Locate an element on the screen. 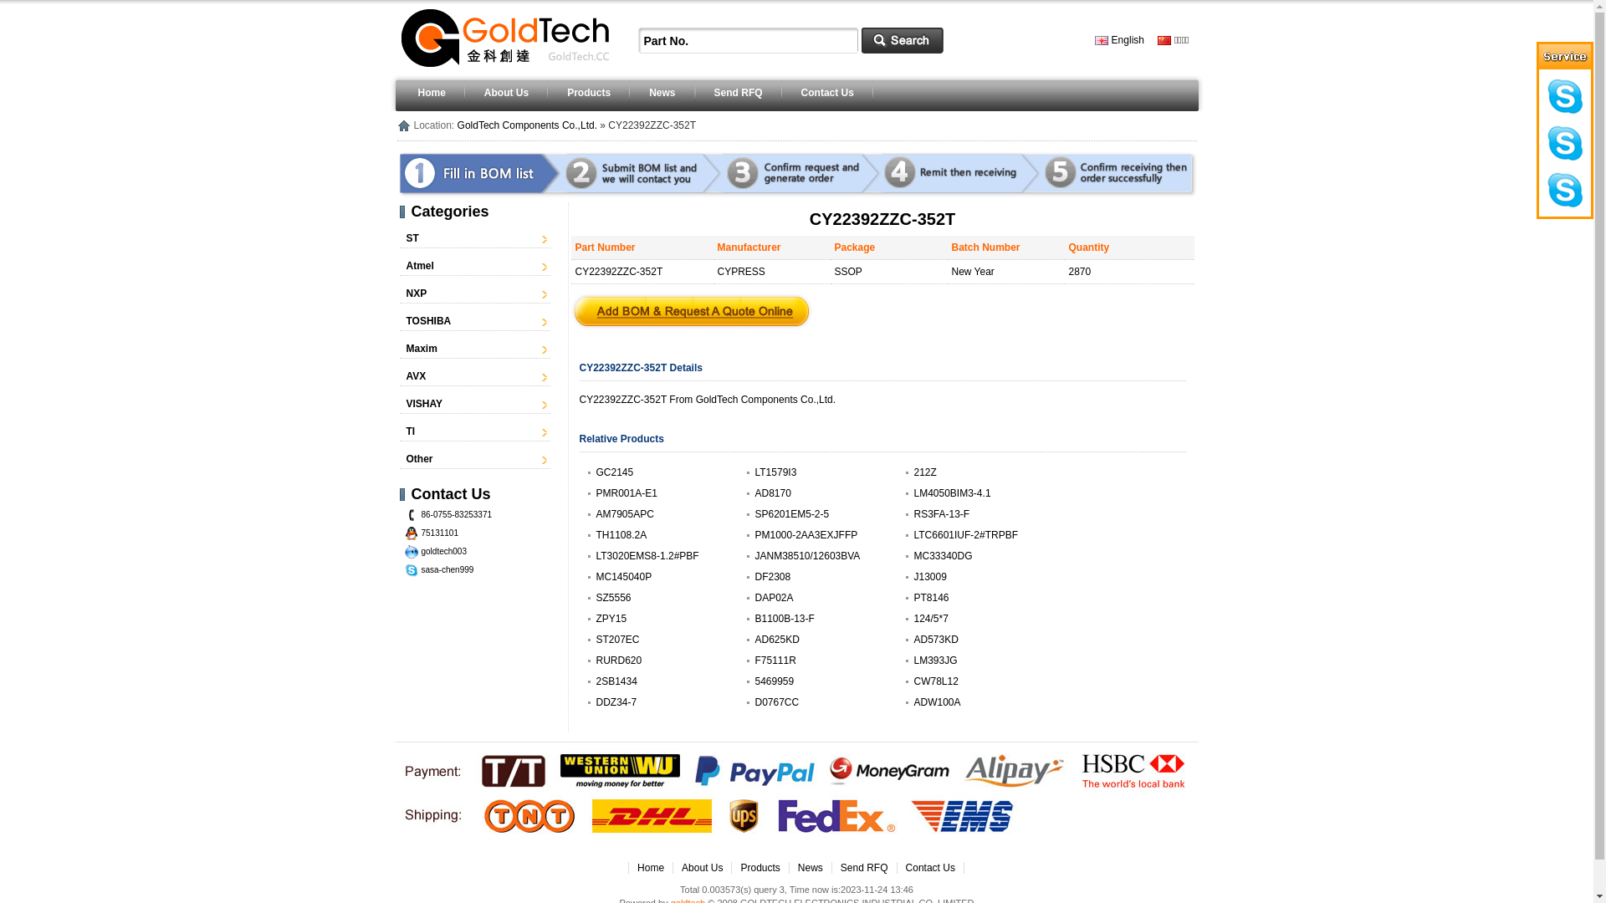 This screenshot has height=903, width=1606. 'English' is located at coordinates (1095, 39).